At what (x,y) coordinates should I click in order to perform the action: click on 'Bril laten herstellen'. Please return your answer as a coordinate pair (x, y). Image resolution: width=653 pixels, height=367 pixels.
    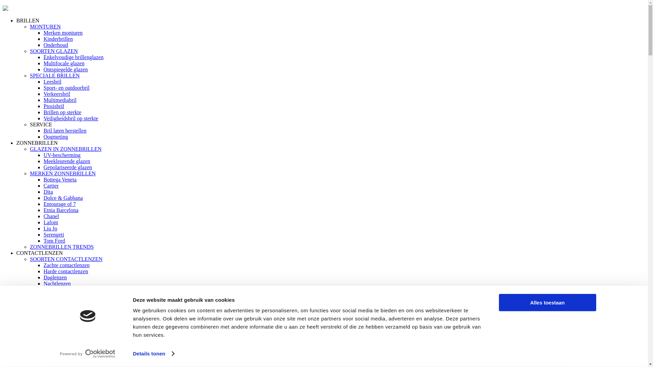
    Looking at the image, I should click on (65, 130).